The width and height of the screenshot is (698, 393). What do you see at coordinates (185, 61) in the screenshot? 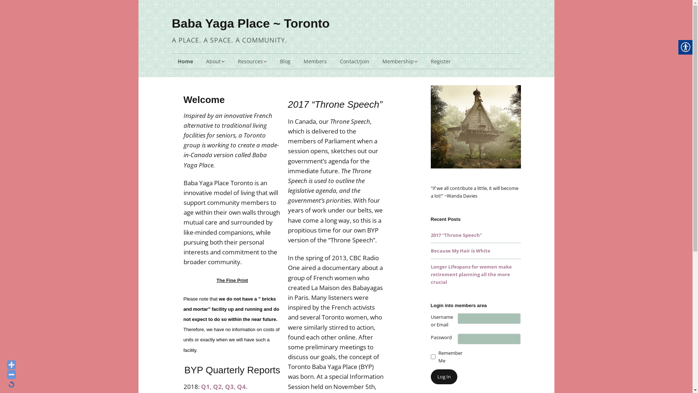
I see `'Home'` at bounding box center [185, 61].